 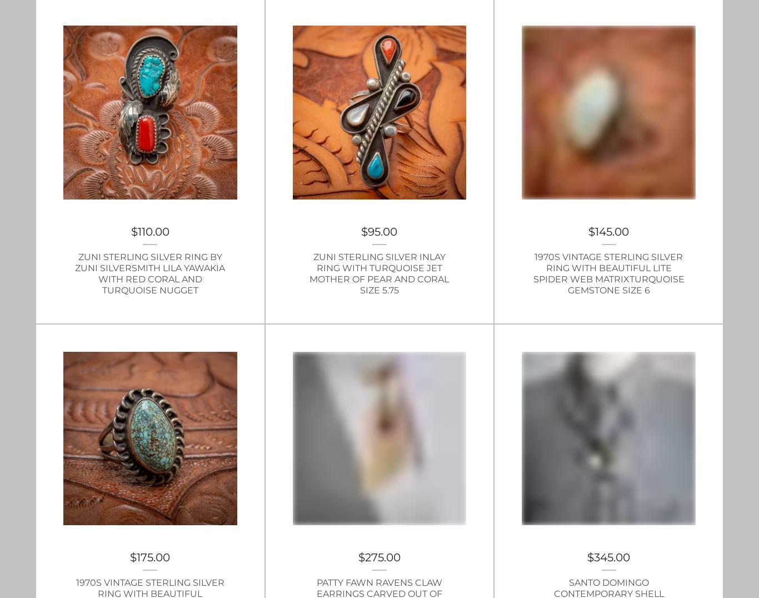 I want to click on '1970s Vintage Sterling Silver Ring with beautiful lite Spider Web MatrixTurquoise gemstone  size 6', so click(x=607, y=272).